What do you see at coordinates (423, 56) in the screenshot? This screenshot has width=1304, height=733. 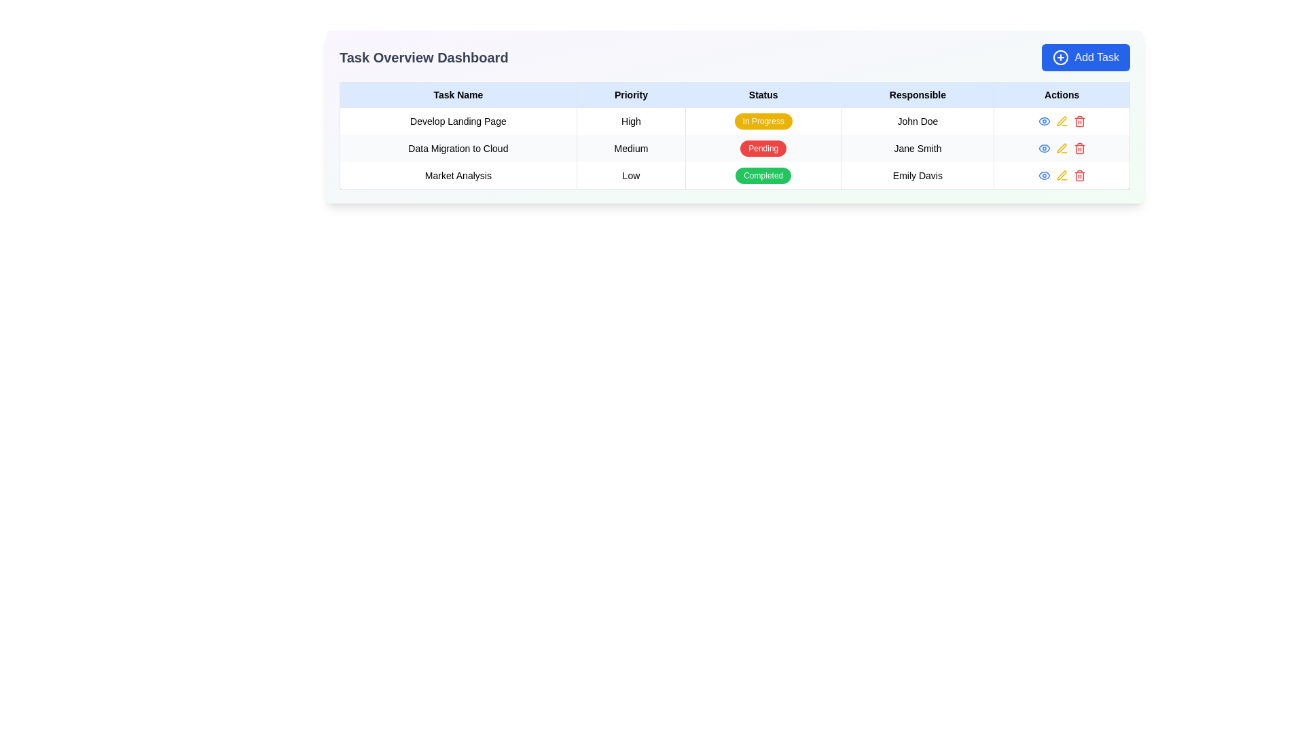 I see `the header text element that describes the content or purpose of the dashboard, located in the upper-left section of the interface` at bounding box center [423, 56].